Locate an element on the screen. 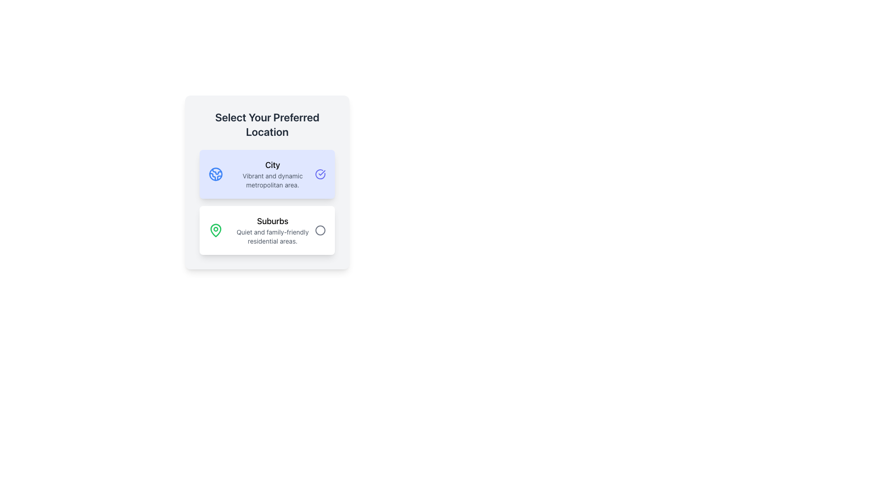  the blue circular SVG element representing a city, located in the upper left corner of the 'City' rectangle is located at coordinates (215, 174).